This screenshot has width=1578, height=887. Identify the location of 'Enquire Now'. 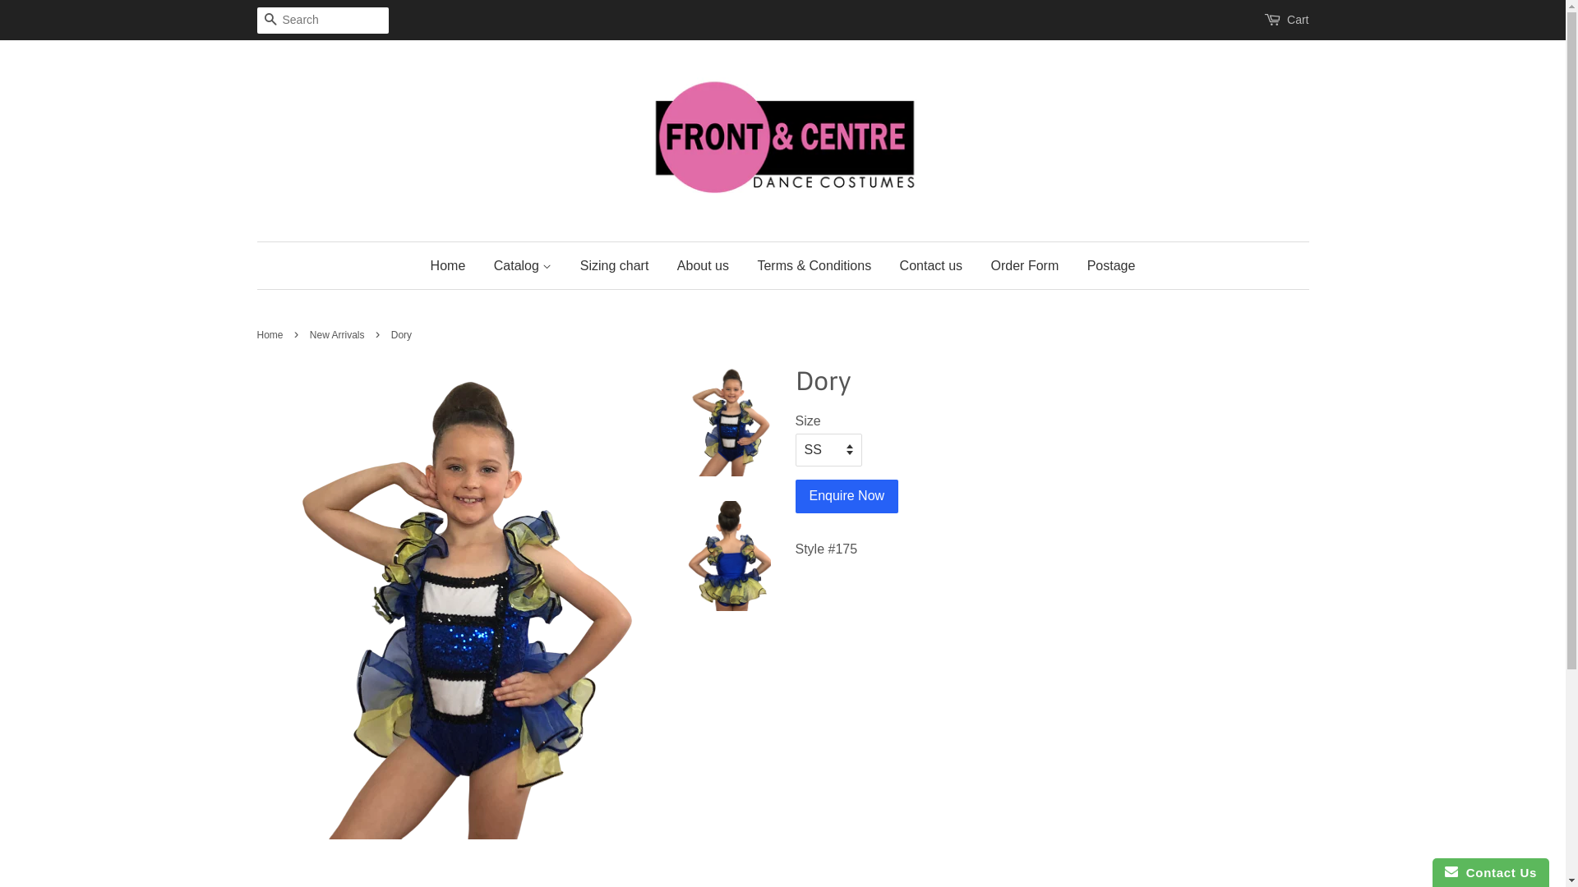
(847, 495).